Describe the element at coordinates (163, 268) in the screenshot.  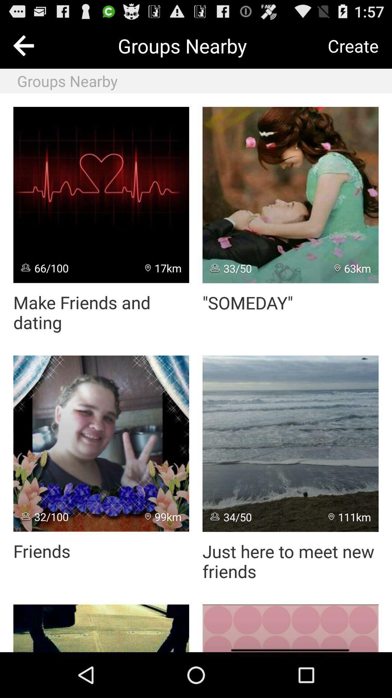
I see `17km app` at that location.